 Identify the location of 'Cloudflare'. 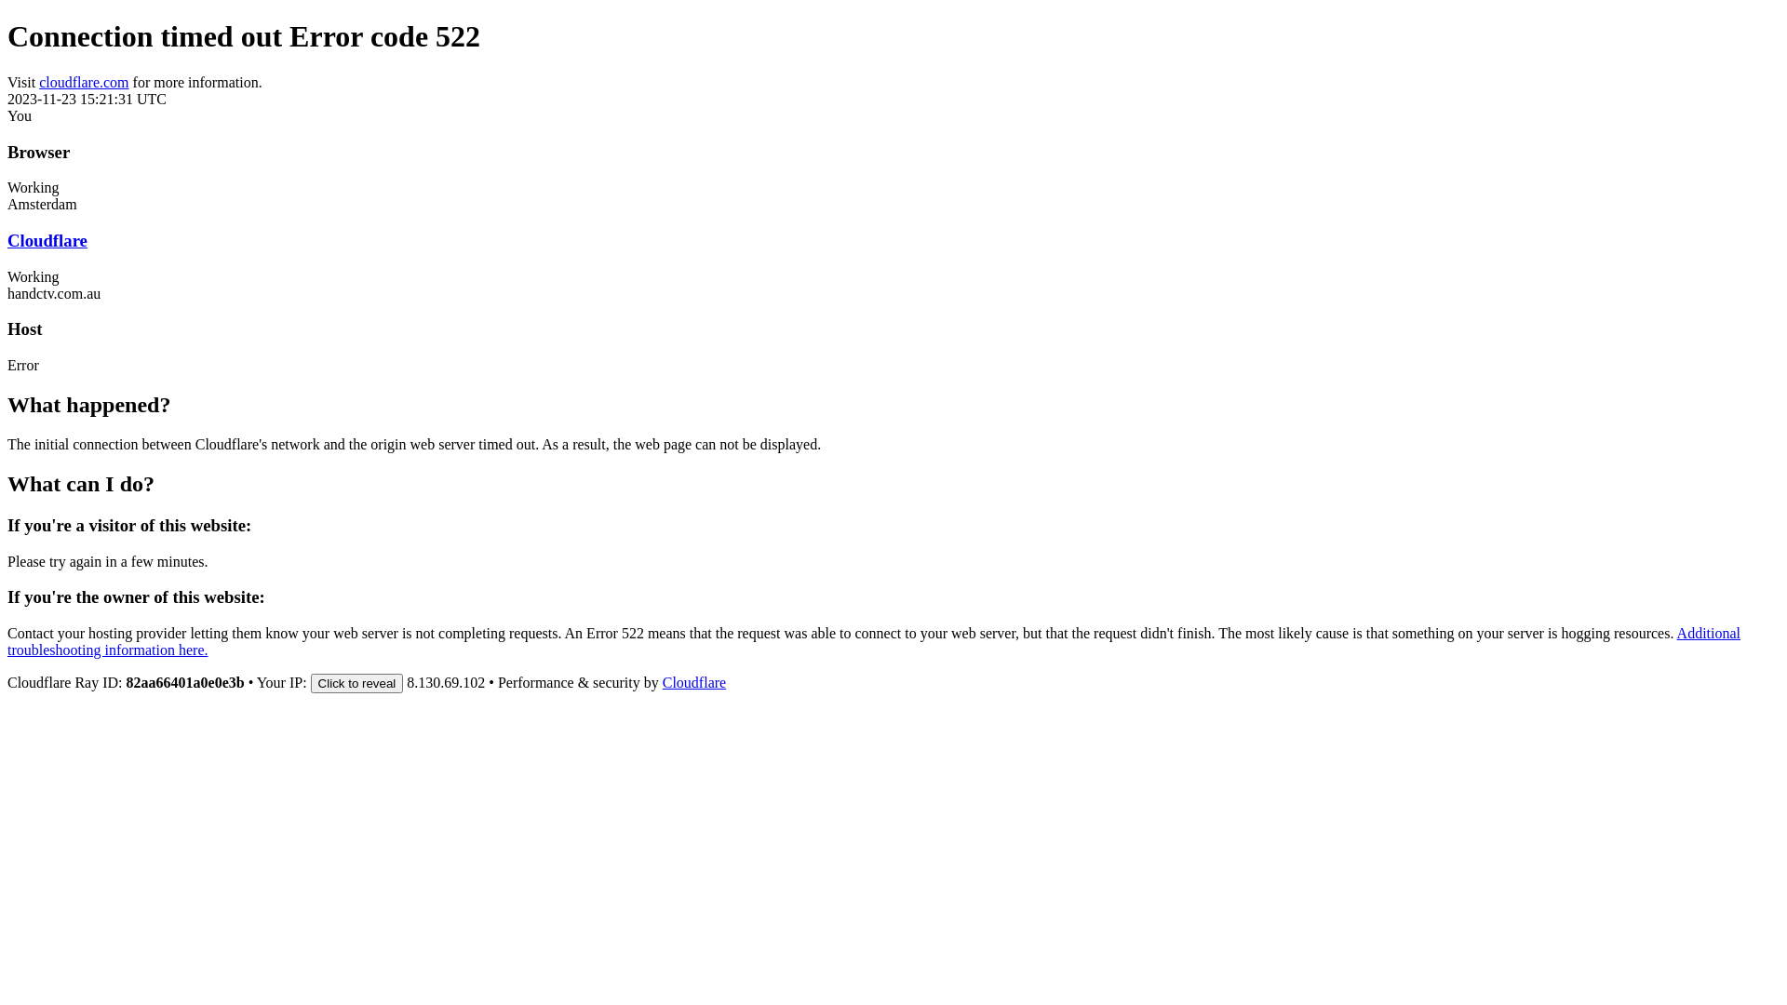
(692, 682).